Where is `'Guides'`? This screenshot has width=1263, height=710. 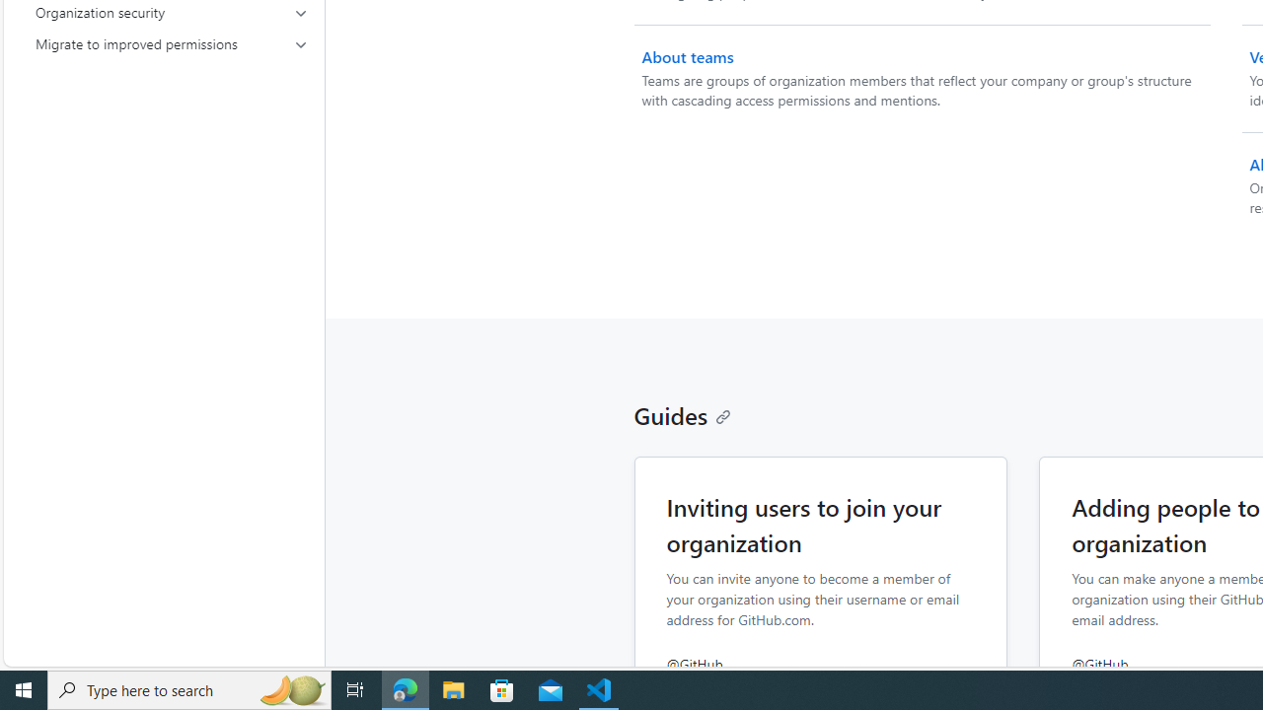
'Guides' is located at coordinates (683, 413).